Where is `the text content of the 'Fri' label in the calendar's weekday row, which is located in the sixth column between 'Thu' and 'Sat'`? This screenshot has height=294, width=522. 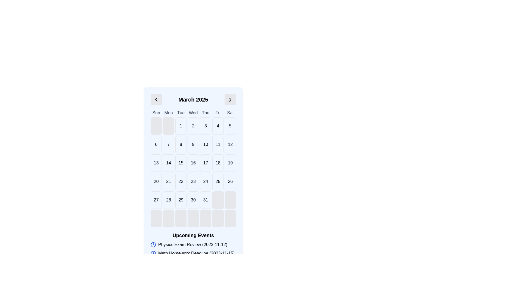 the text content of the 'Fri' label in the calendar's weekday row, which is located in the sixth column between 'Thu' and 'Sat' is located at coordinates (218, 113).